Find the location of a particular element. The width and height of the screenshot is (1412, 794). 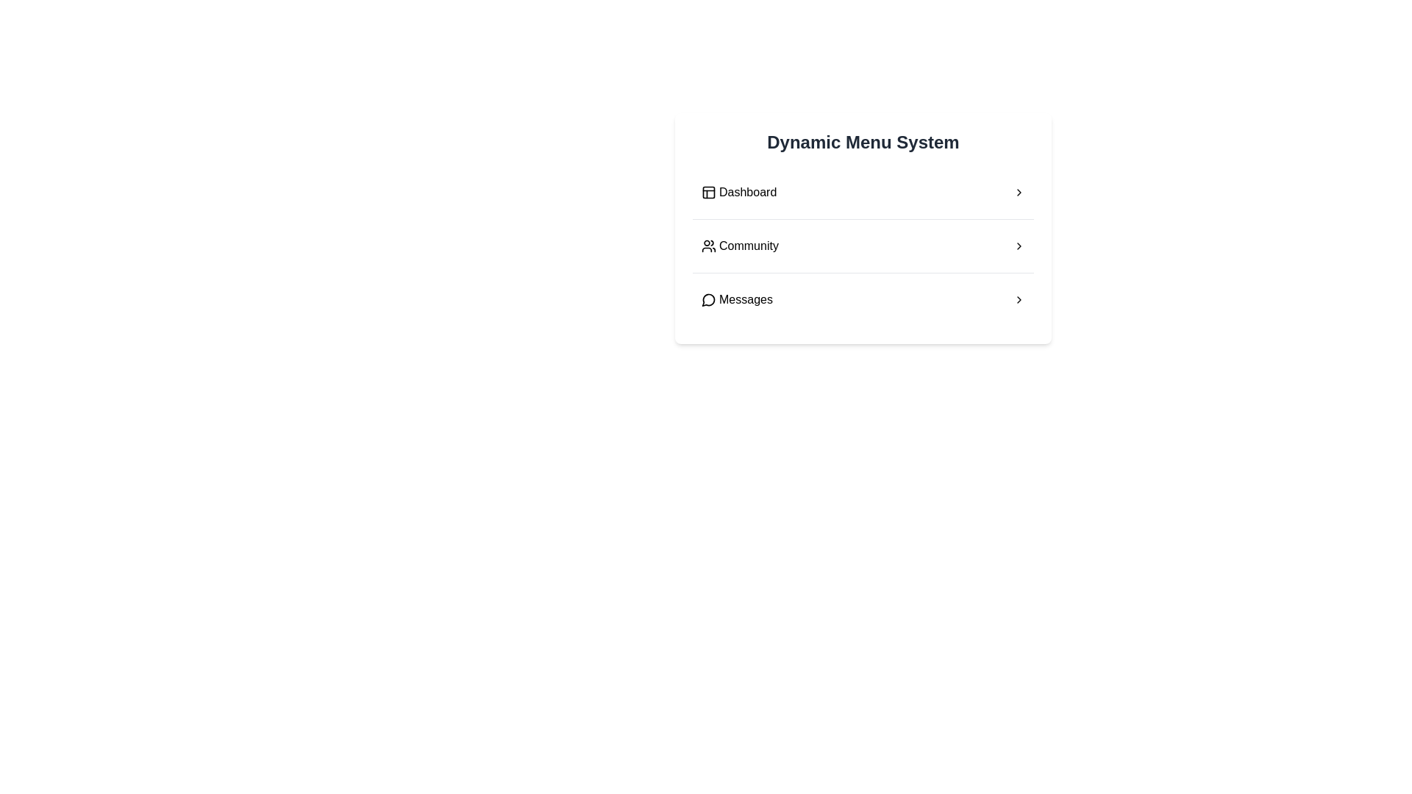

static text label displaying 'Dashboard' located beside the grid icon in the vertical menu under 'Dynamic Menu System.' is located at coordinates (748, 192).